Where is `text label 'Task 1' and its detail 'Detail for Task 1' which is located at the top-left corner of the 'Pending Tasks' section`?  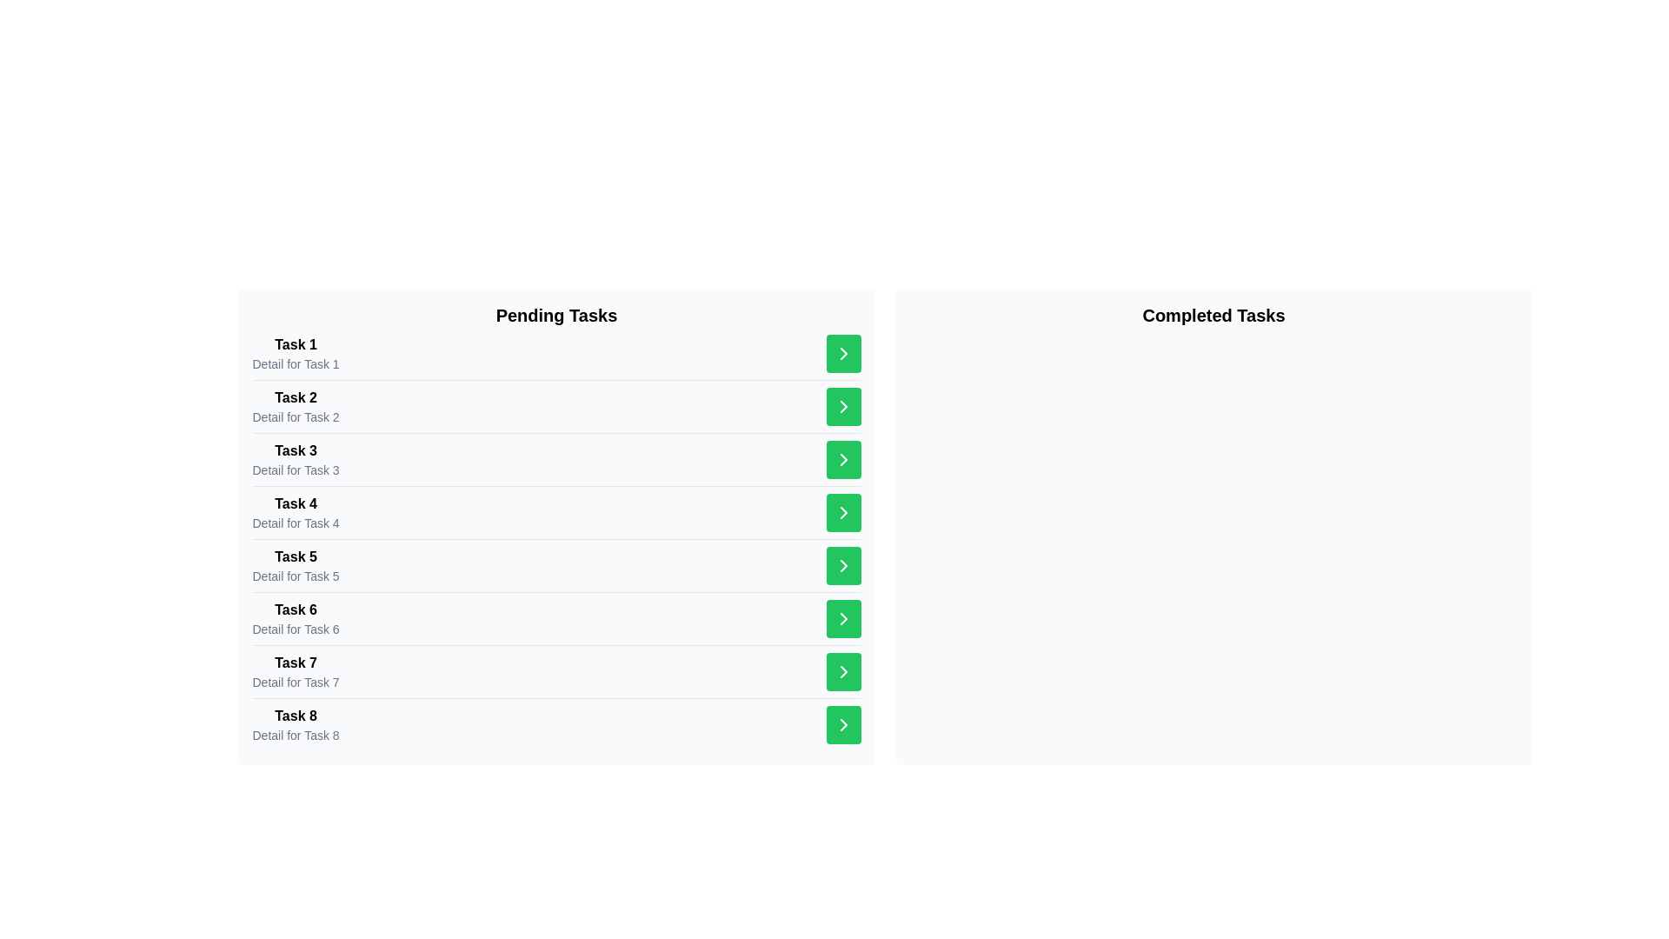
text label 'Task 1' and its detail 'Detail for Task 1' which is located at the top-left corner of the 'Pending Tasks' section is located at coordinates (296, 353).